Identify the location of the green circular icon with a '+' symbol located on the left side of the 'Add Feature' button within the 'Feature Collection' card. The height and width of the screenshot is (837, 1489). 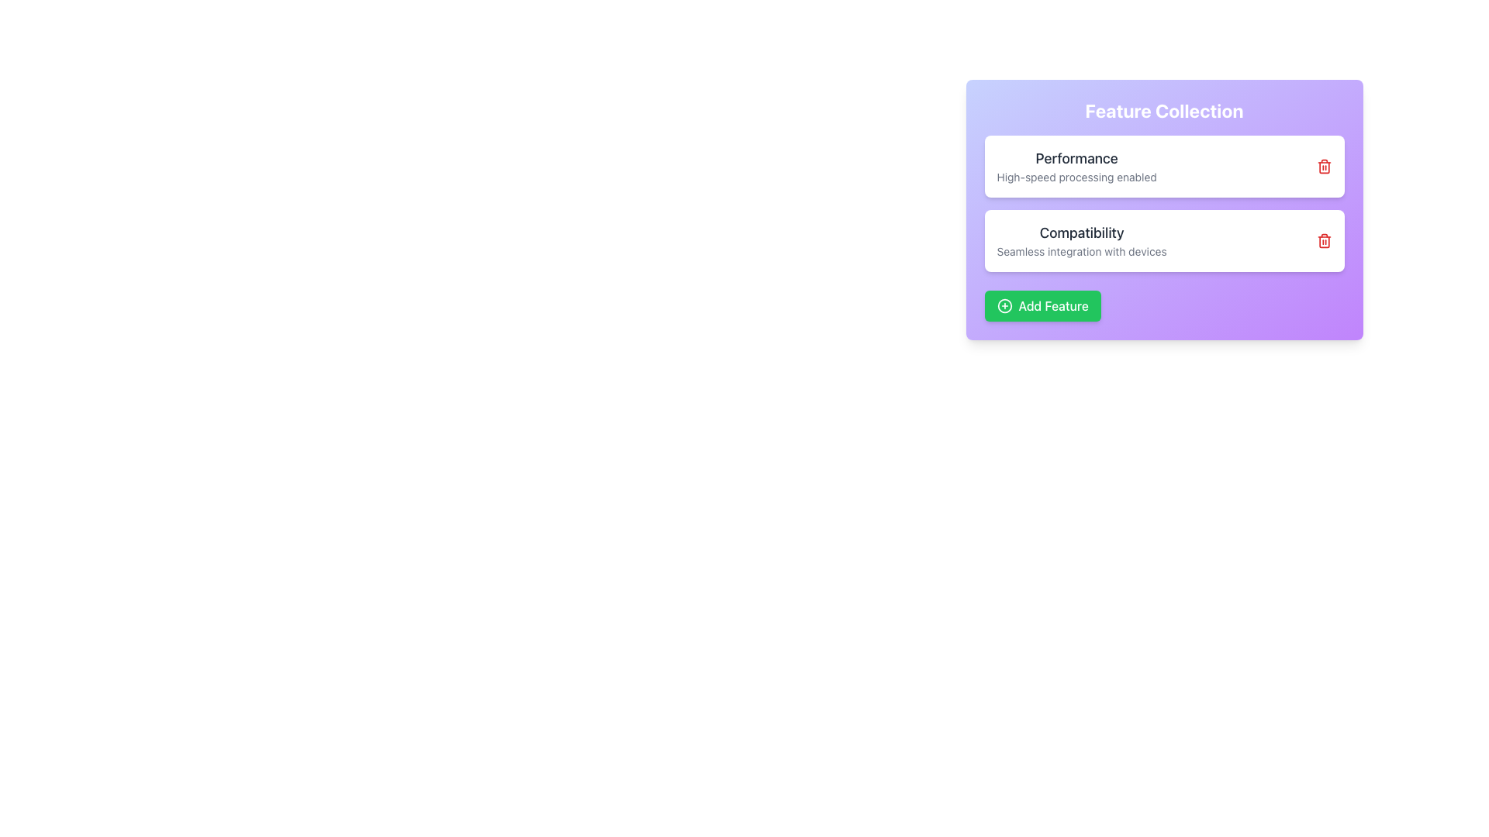
(1004, 305).